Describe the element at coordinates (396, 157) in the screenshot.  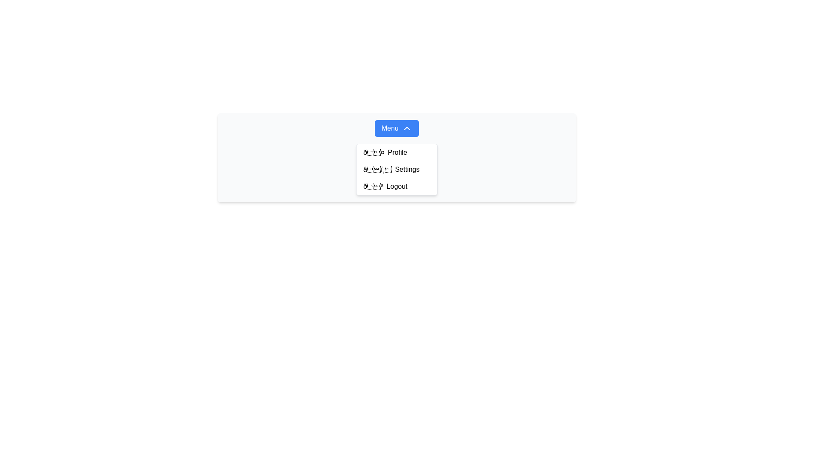
I see `the 'Settings' option` at that location.